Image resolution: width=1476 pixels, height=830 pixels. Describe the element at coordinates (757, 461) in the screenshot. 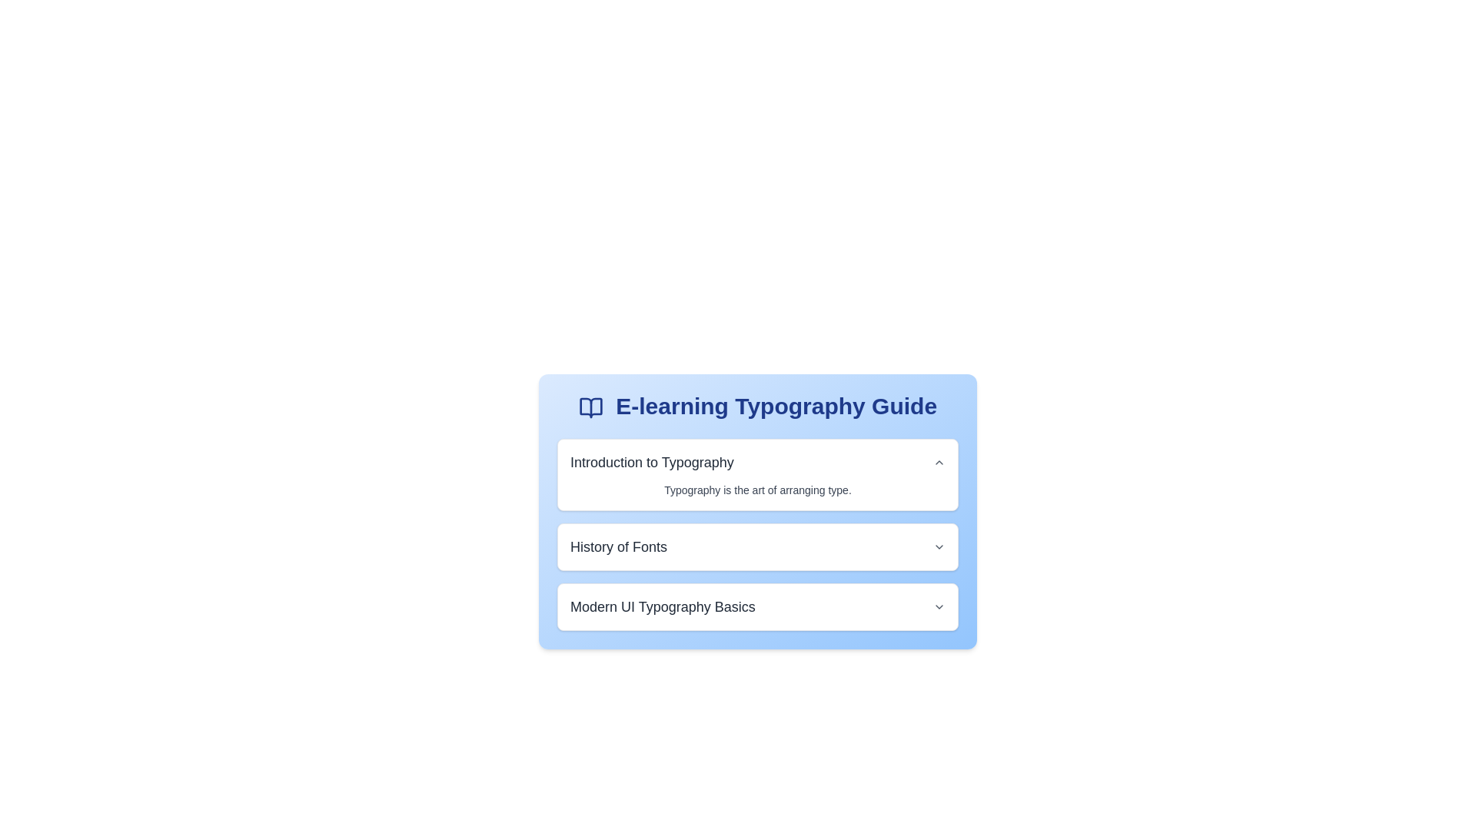

I see `the dropdown button located at the top of the card layout` at that location.